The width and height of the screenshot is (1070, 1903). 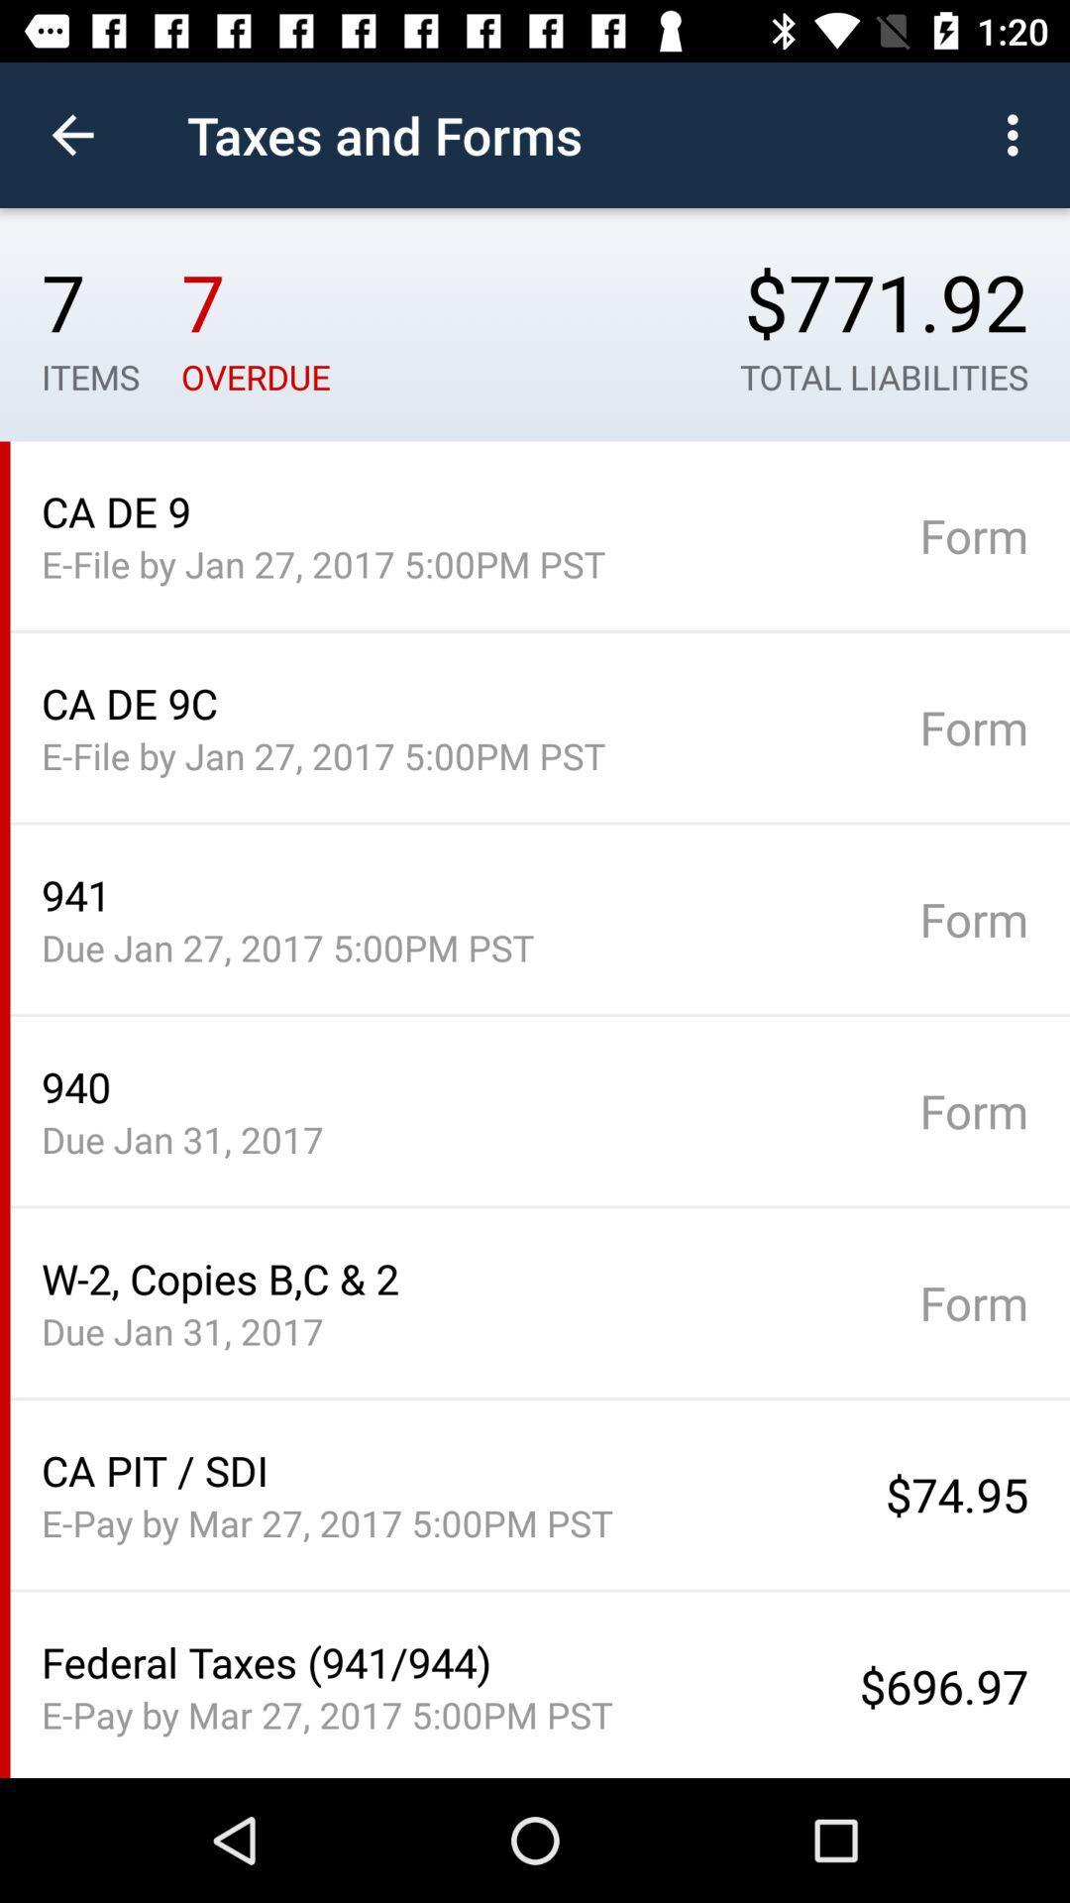 What do you see at coordinates (71, 134) in the screenshot?
I see `the item to the left of taxes and forms` at bounding box center [71, 134].